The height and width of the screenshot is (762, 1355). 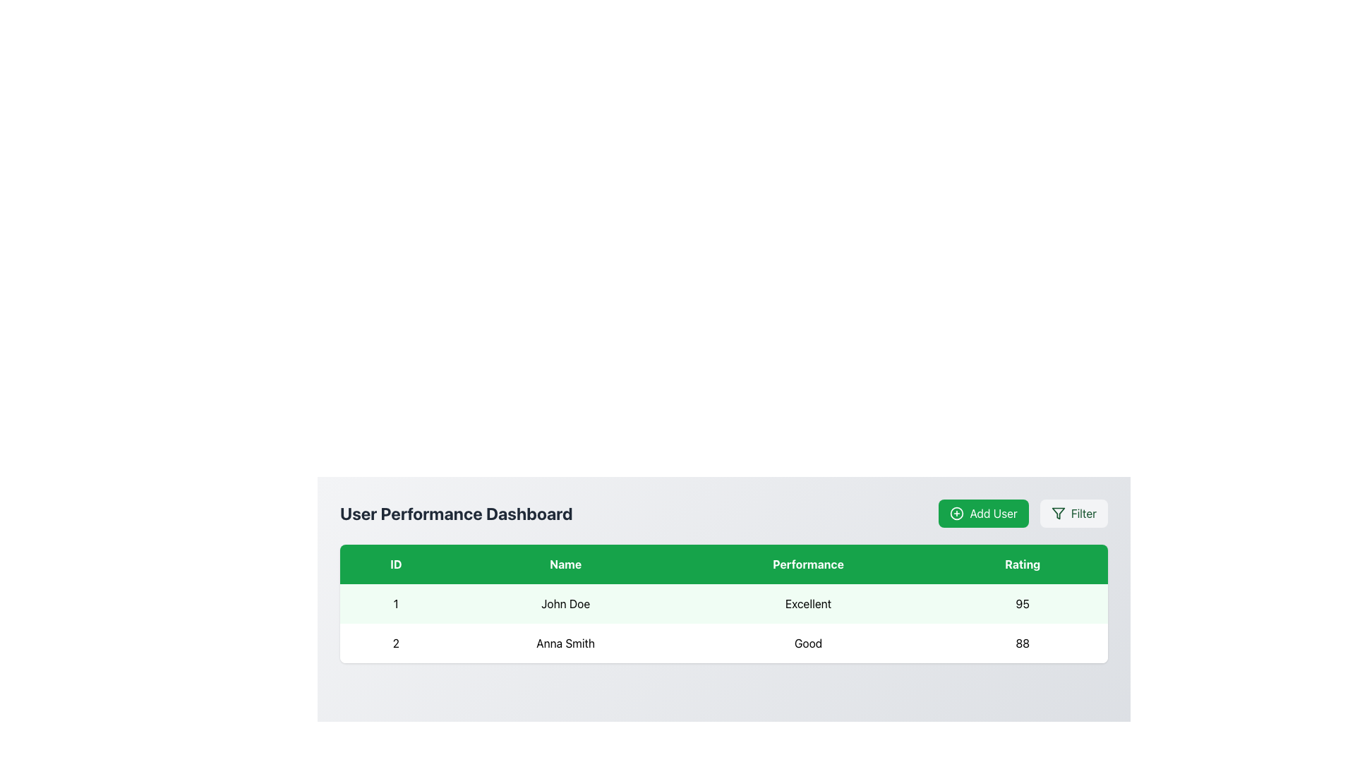 What do you see at coordinates (456, 514) in the screenshot?
I see `the 'User Performance Dashboard' text label, which is prominently displayed in bold, dark gray font above the data table and to the left of the 'Add User' and 'Filter' buttons` at bounding box center [456, 514].